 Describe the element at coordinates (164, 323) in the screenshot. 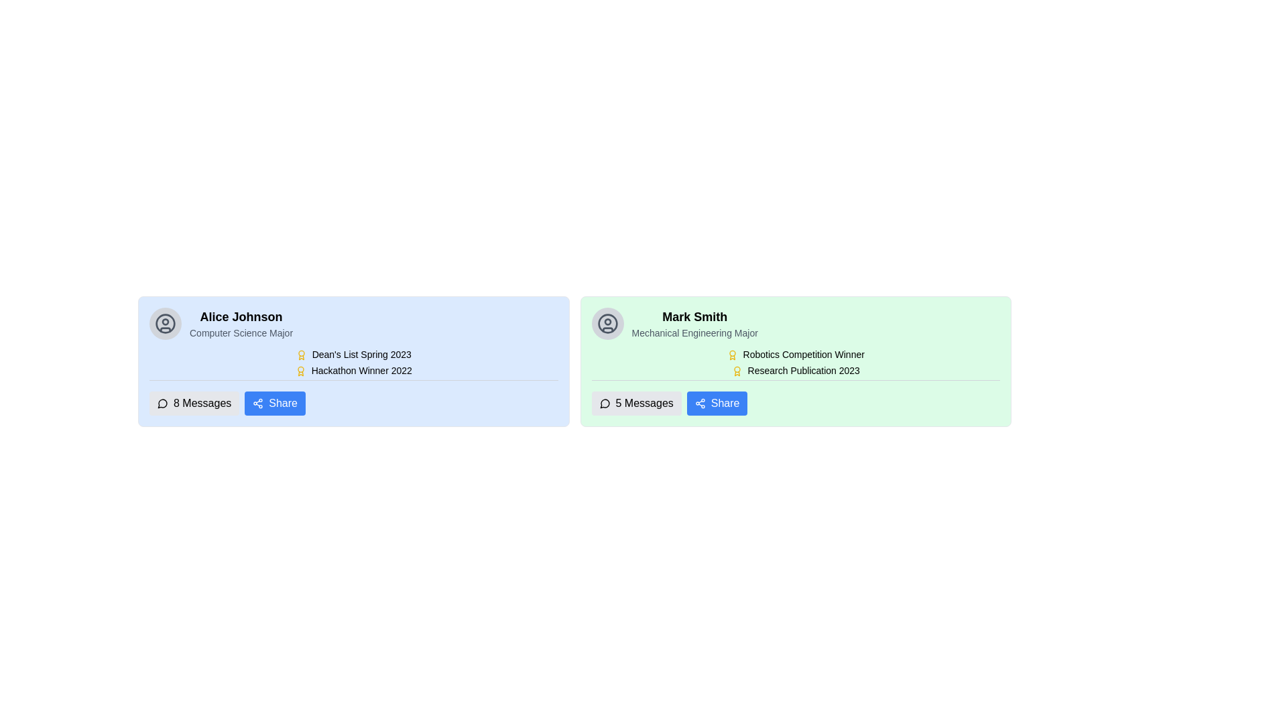

I see `the user profile icon representing 'Alice Johnson', which features a circular frame with a user figure inside, located within a light blue background panel` at that location.